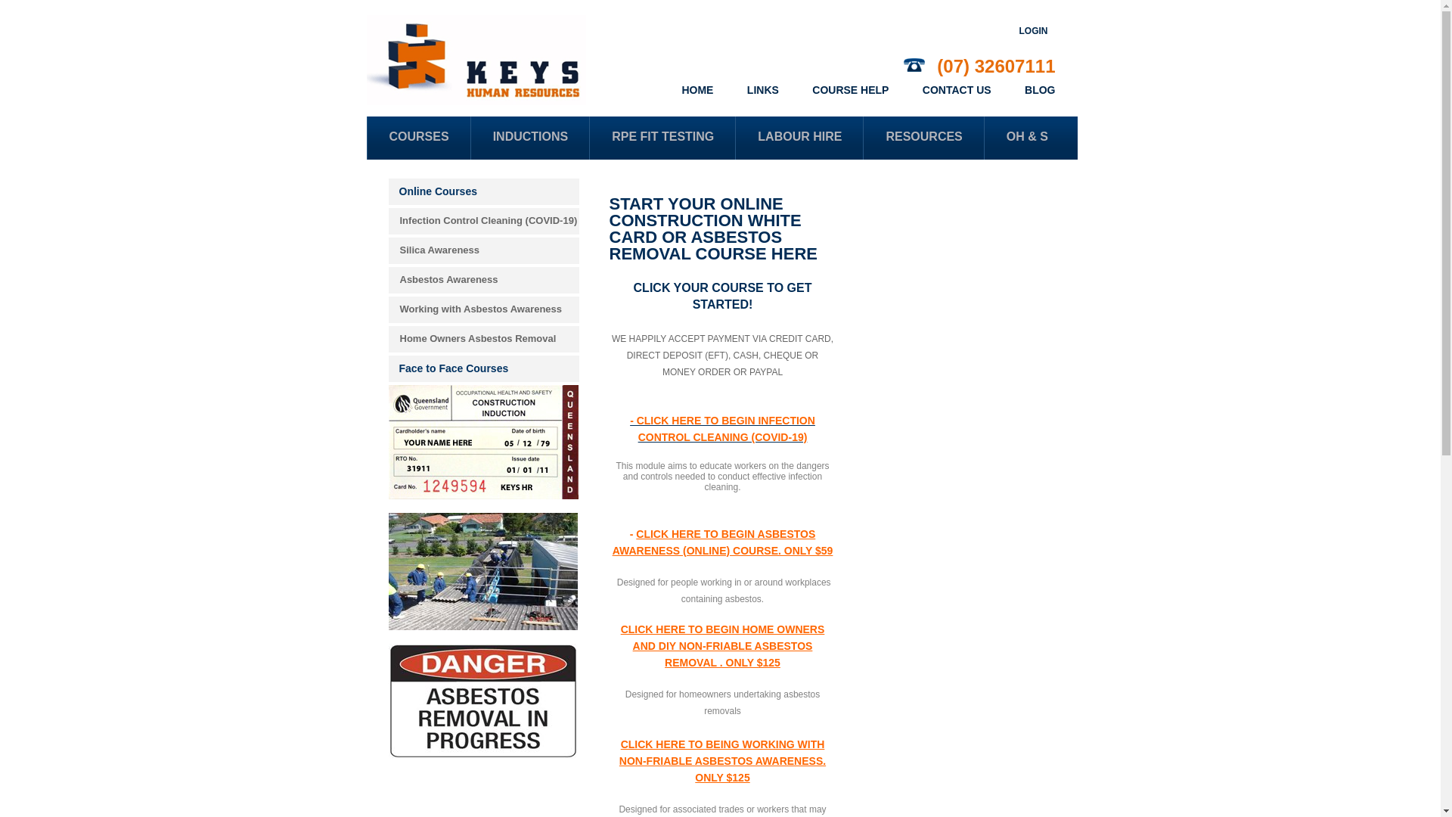  I want to click on 'BLOG', so click(1038, 90).